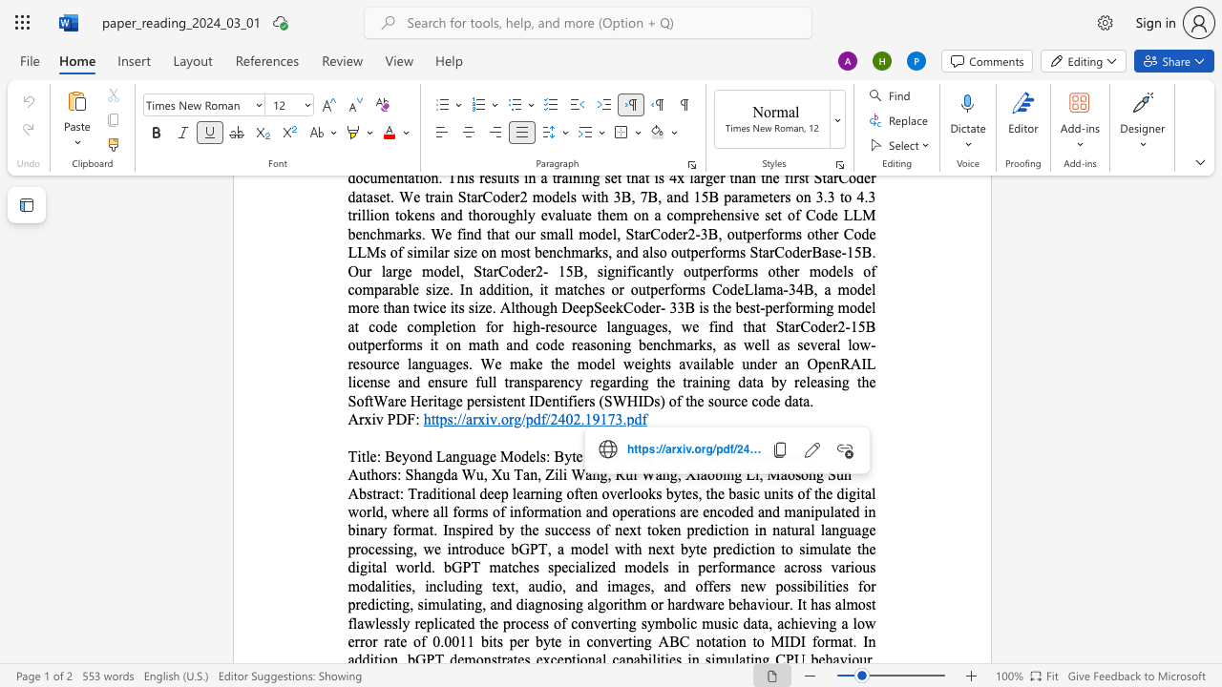 The height and width of the screenshot is (687, 1222). Describe the element at coordinates (799, 456) in the screenshot. I see `the 5th character "o" in the text` at that location.